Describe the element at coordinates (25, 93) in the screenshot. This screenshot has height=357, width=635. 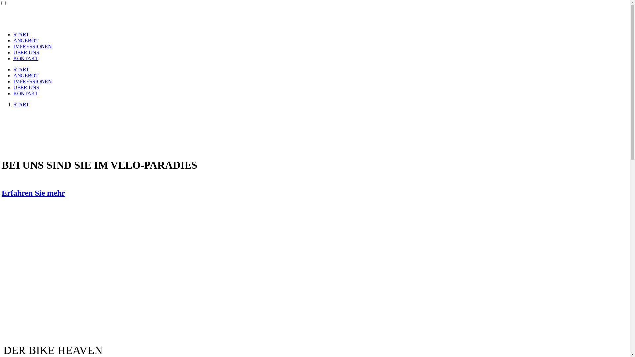
I see `'KONTAKT'` at that location.